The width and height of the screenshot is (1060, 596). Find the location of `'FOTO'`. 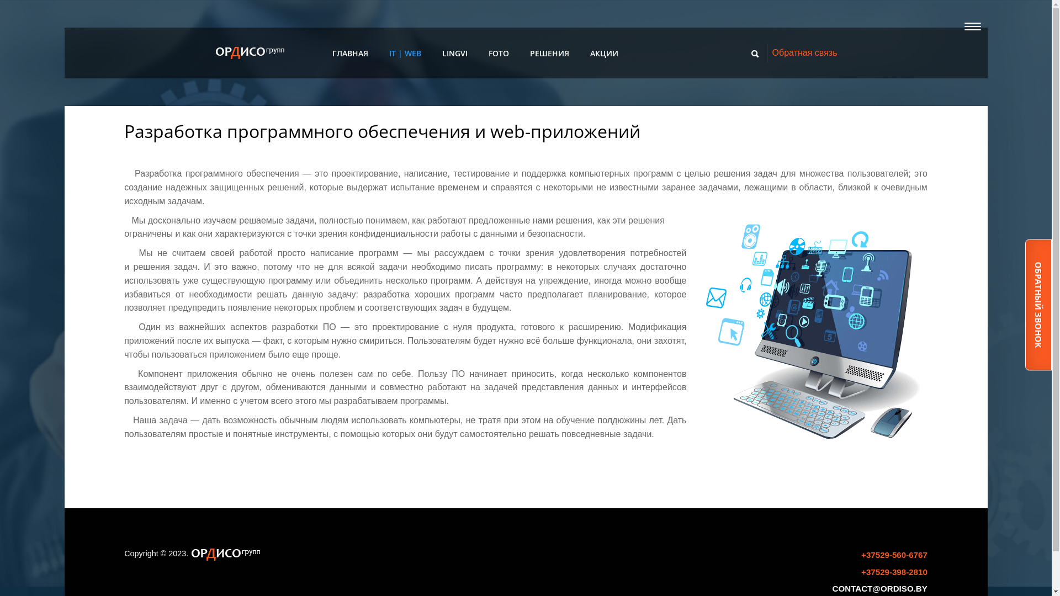

'FOTO' is located at coordinates (498, 53).